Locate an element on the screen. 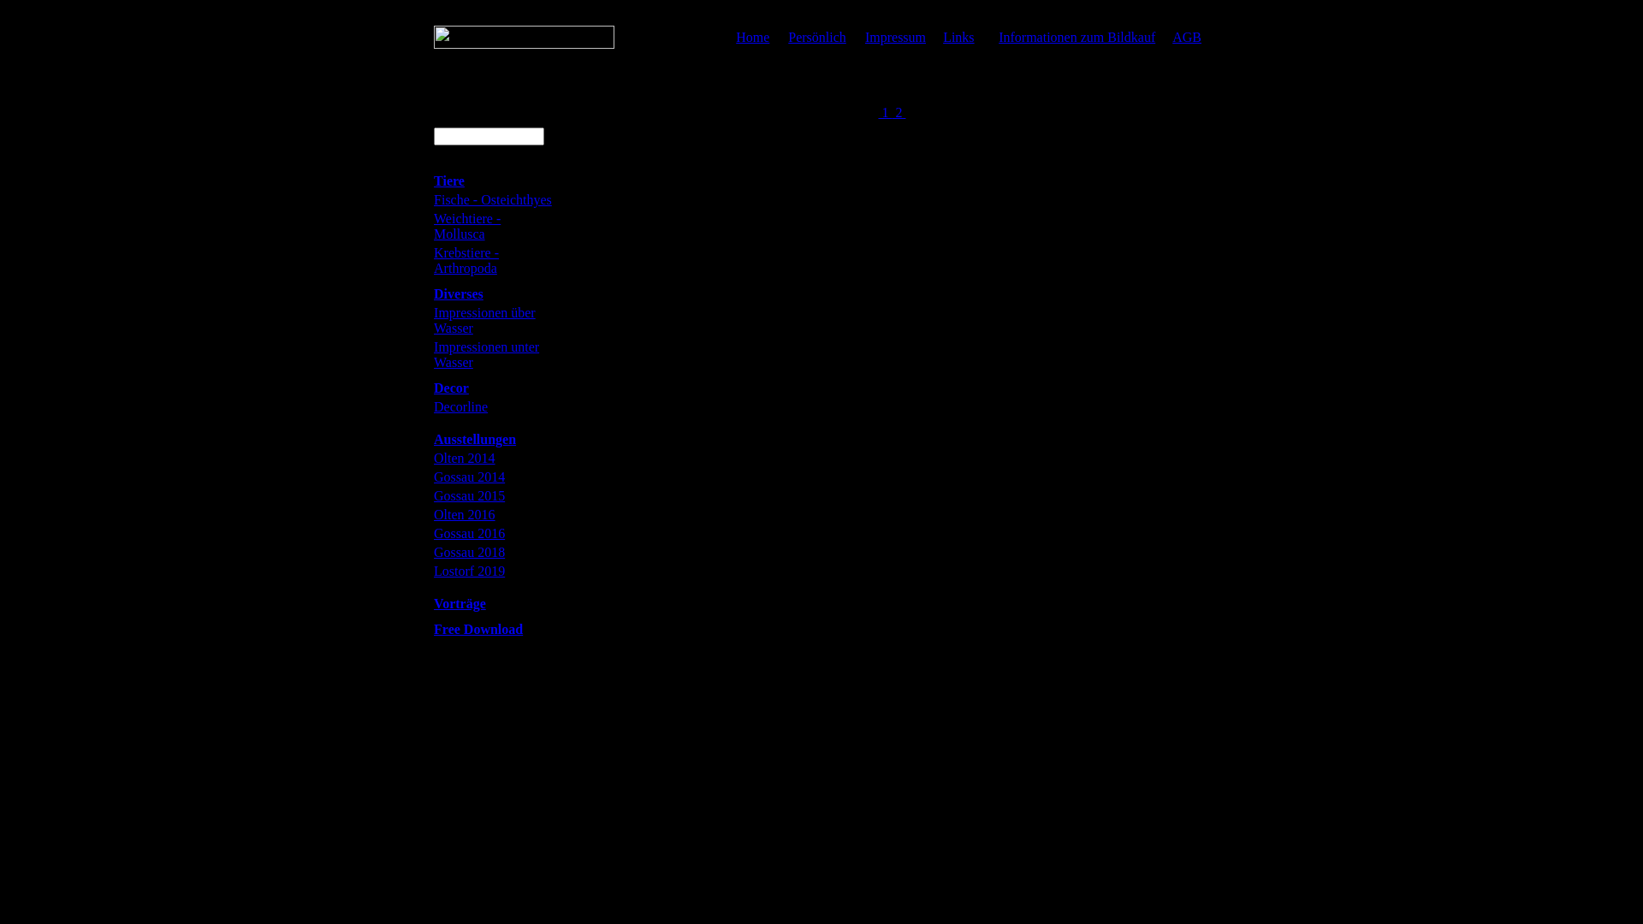 The image size is (1643, 924). 'Olten 2014' is located at coordinates (434, 457).